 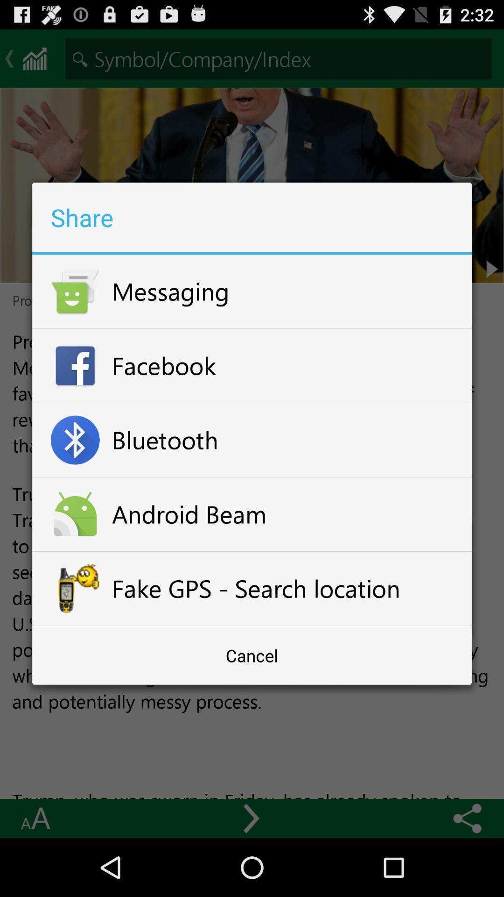 What do you see at coordinates (252, 655) in the screenshot?
I see `cancel at the bottom` at bounding box center [252, 655].